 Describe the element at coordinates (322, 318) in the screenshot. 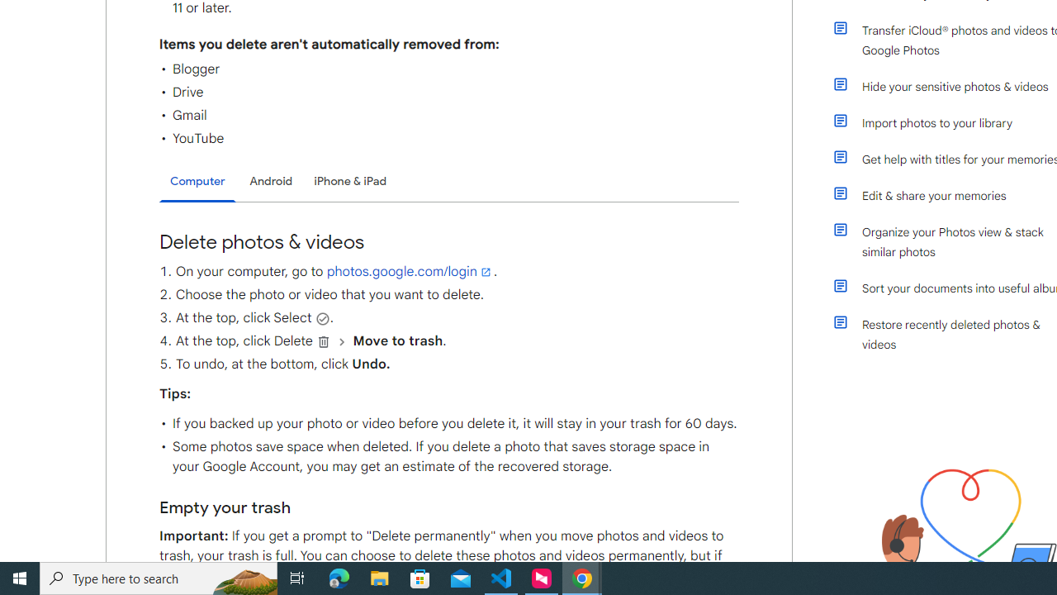

I see `'Select'` at that location.